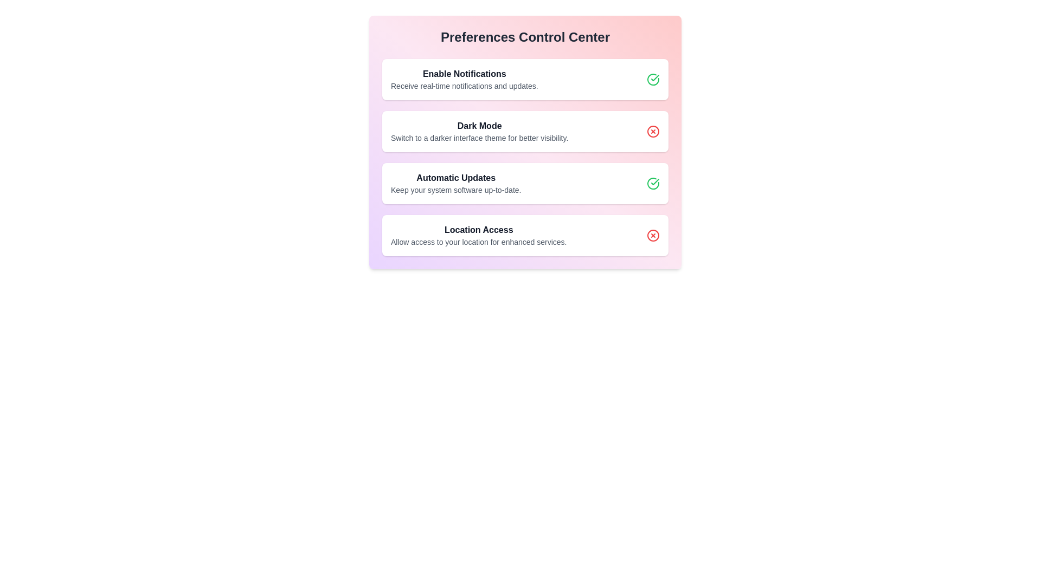 Image resolution: width=1041 pixels, height=585 pixels. Describe the element at coordinates (525, 157) in the screenshot. I see `an individual option in the List of settings options located under the 'Preferences Control Center' to modify settings` at that location.